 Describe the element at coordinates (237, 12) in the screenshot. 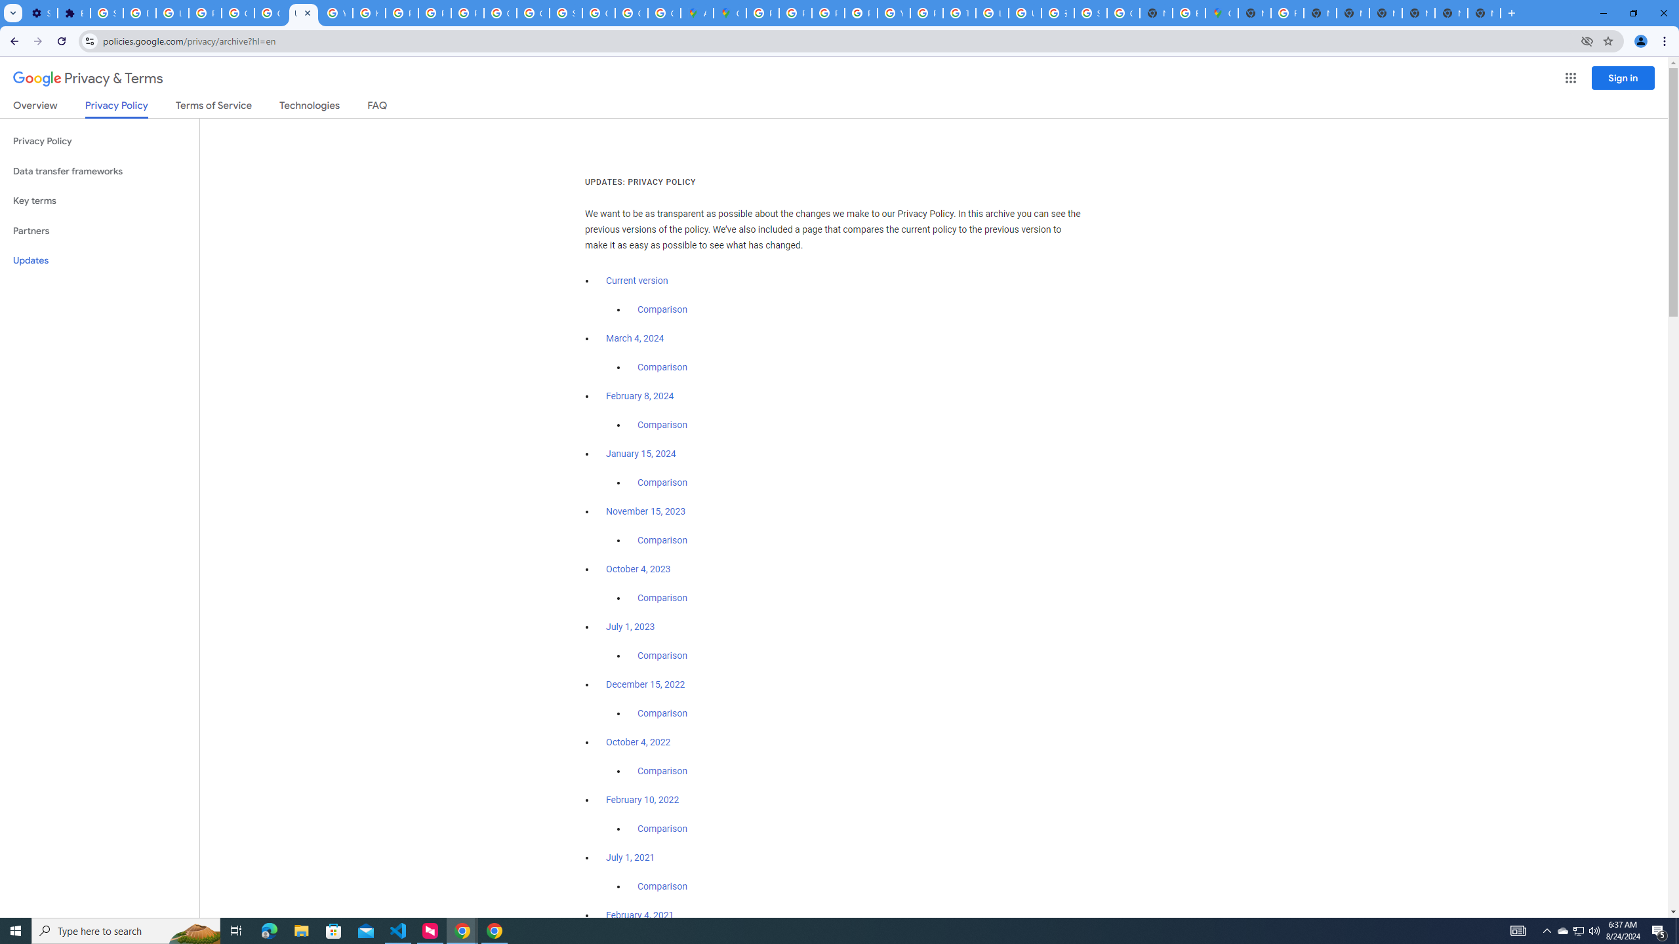

I see `'Google Account Help'` at that location.